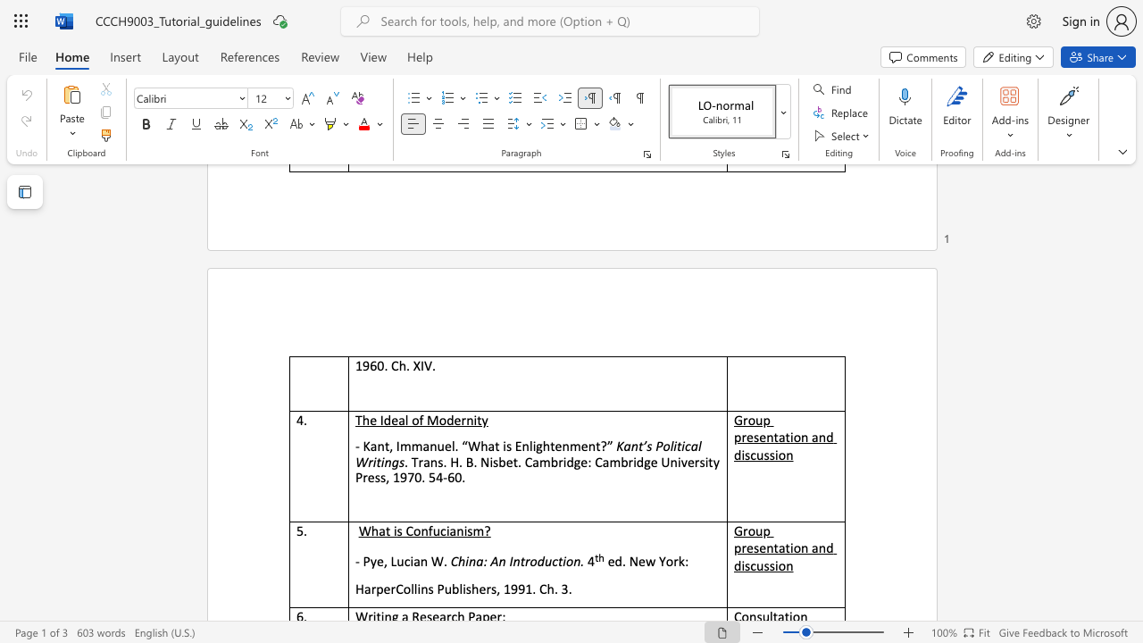 The width and height of the screenshot is (1143, 643). Describe the element at coordinates (554, 445) in the screenshot. I see `the subset text "en" within the text "- Kant, Immanuel. “What is Enlightenment?”"` at that location.